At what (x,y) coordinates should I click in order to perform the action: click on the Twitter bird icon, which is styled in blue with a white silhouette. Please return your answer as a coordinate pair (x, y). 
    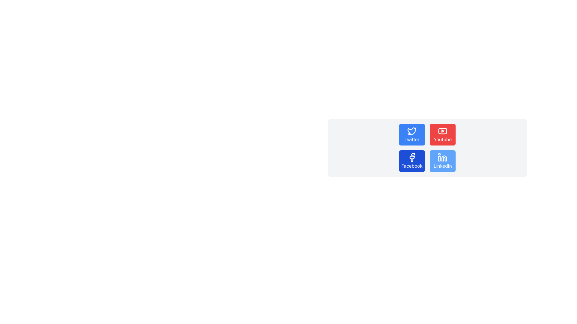
    Looking at the image, I should click on (411, 131).